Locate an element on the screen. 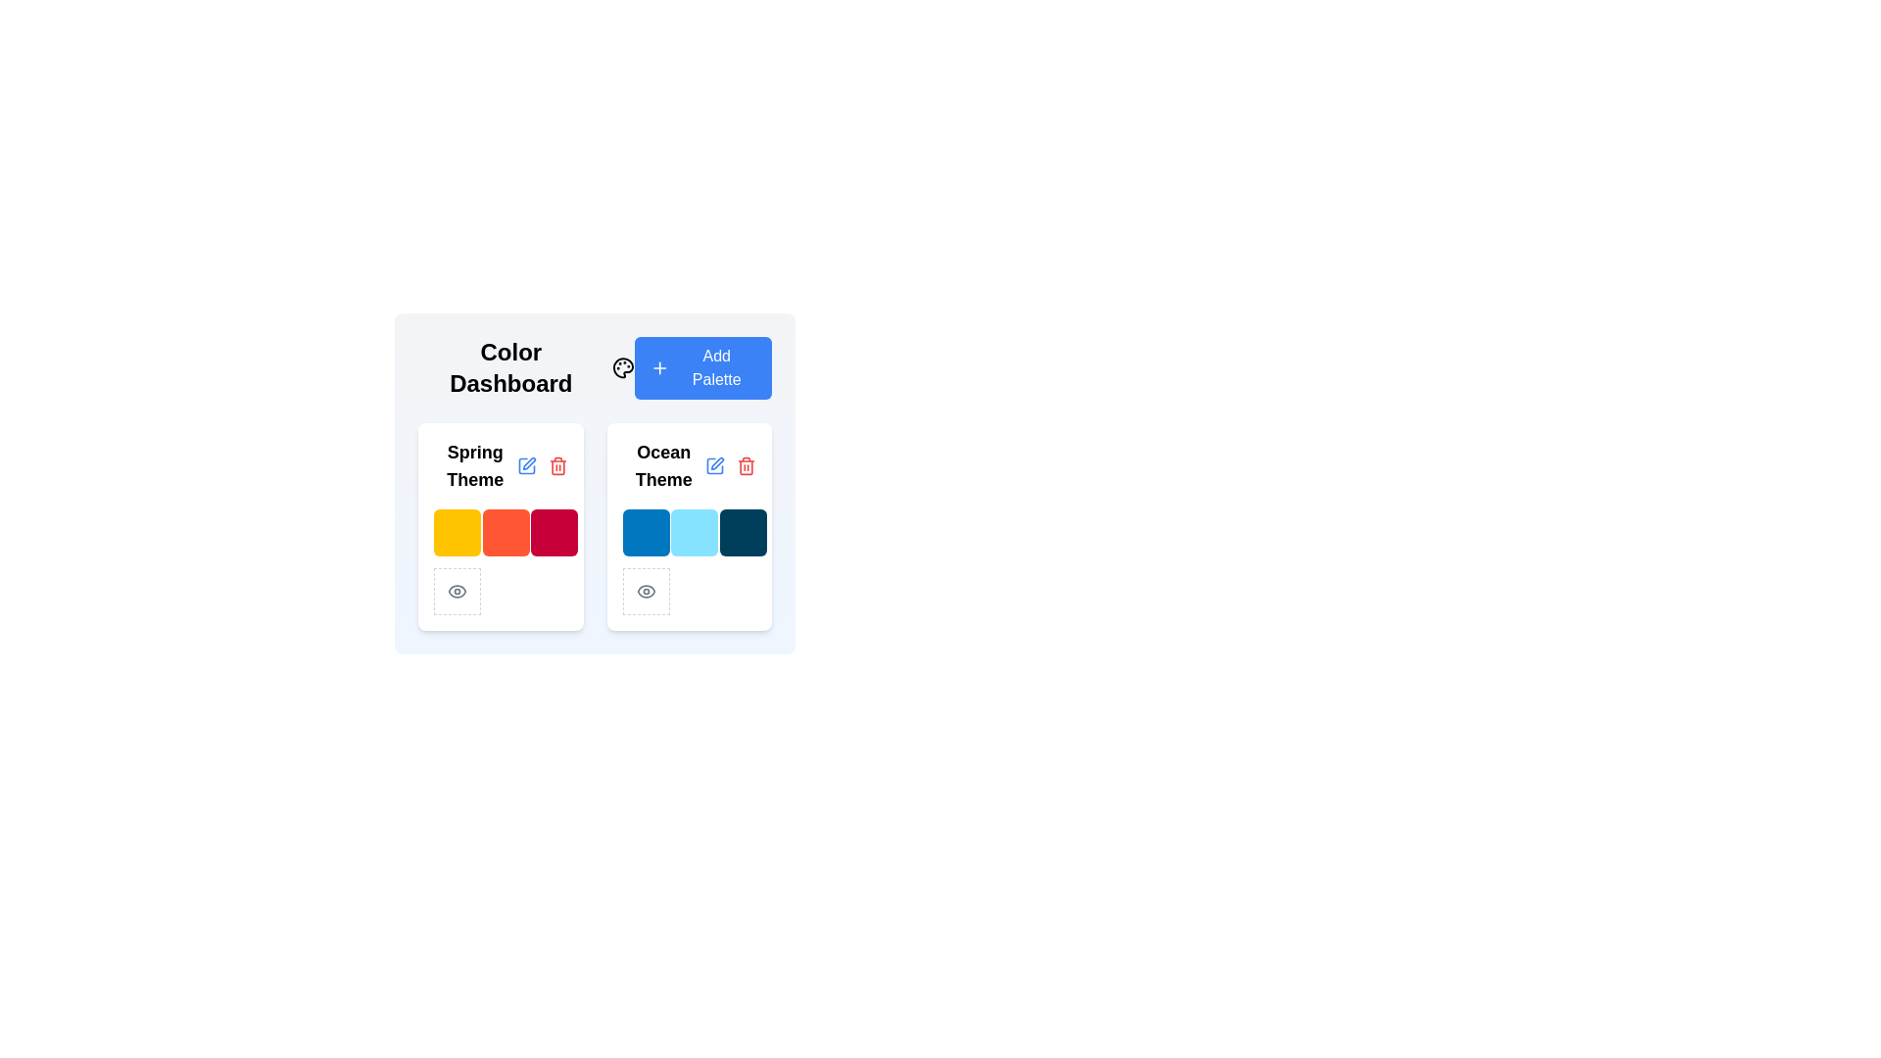 The width and height of the screenshot is (1881, 1058). the vibrant blue color block with rounded corners located in the first position of the row in the 3x3 grid under the 'Ocean Theme' section is located at coordinates (646, 532).